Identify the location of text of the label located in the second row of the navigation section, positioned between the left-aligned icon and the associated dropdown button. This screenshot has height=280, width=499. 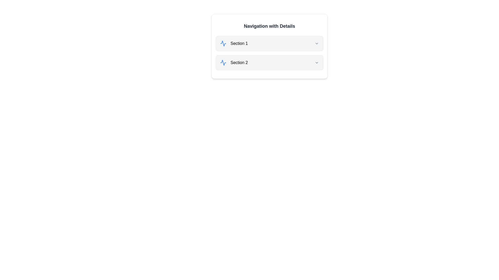
(239, 62).